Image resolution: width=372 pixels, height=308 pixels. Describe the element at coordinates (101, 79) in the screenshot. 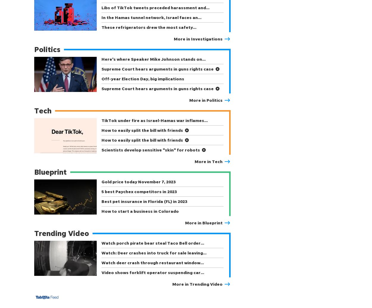

I see `'Off-year Election Day, big implications'` at that location.